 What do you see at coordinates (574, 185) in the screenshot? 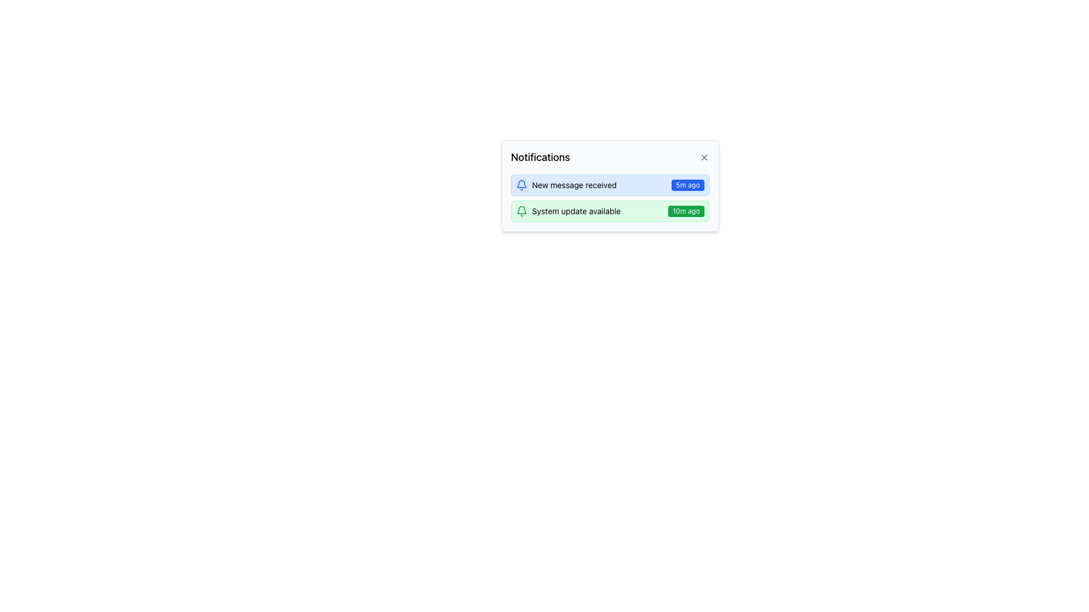
I see `the text label in the first notification card that describes the new message received, located to the right of the notification bell icon` at bounding box center [574, 185].